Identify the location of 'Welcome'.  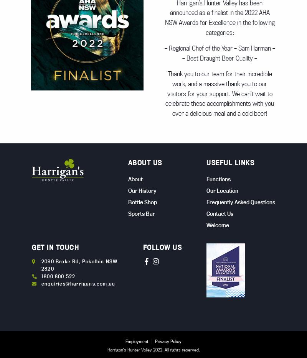
(206, 224).